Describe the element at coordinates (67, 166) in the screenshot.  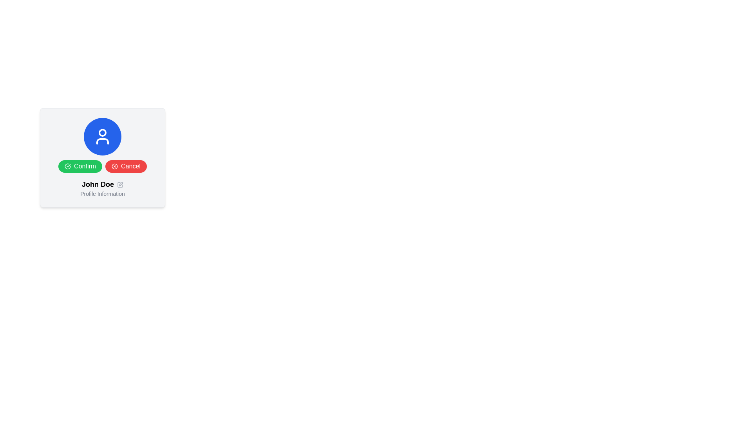
I see `the confirming action icon located inside the left green 'Confirm' button, which is part of the control panel below the blue user avatar` at that location.